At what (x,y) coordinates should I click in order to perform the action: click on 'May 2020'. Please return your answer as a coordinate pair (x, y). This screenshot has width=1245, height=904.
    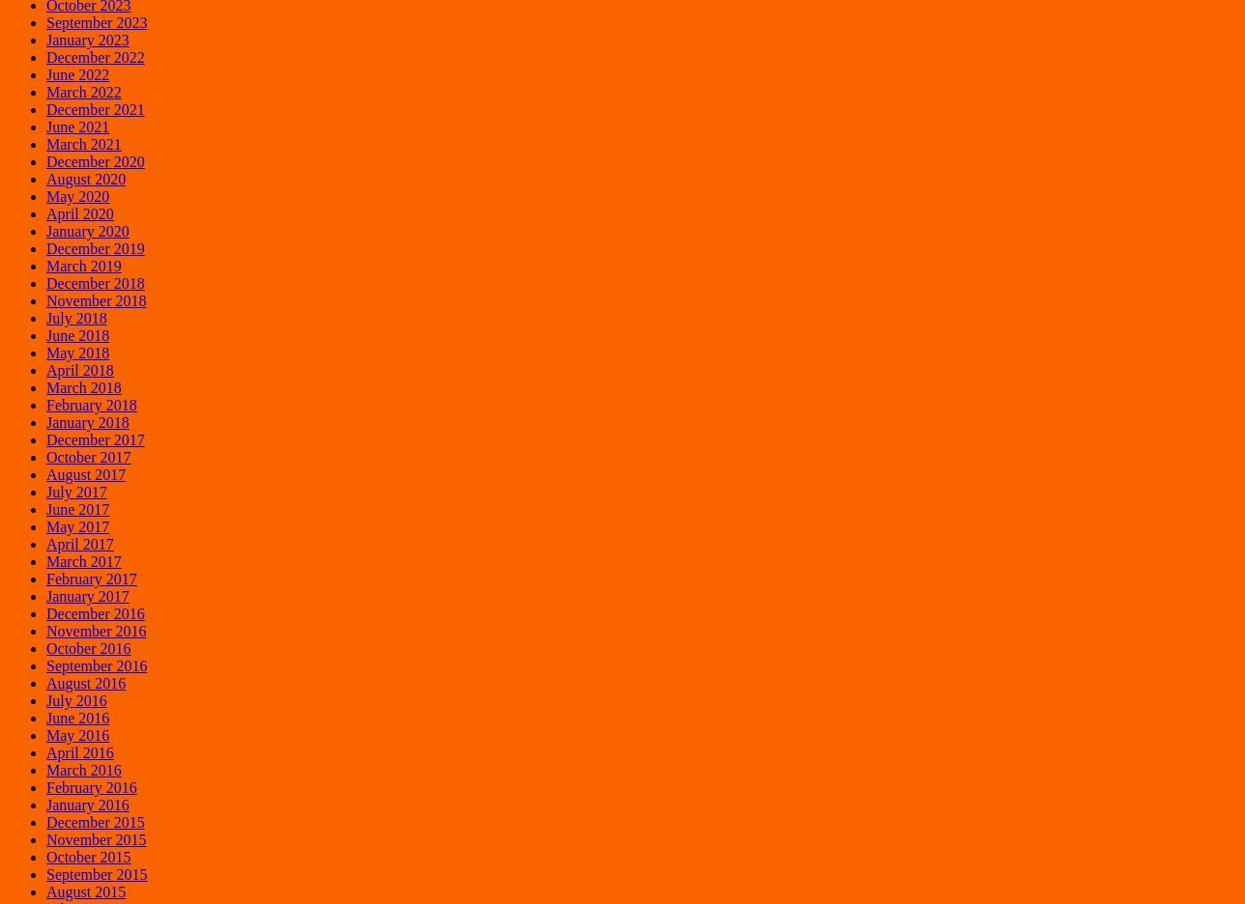
    Looking at the image, I should click on (77, 195).